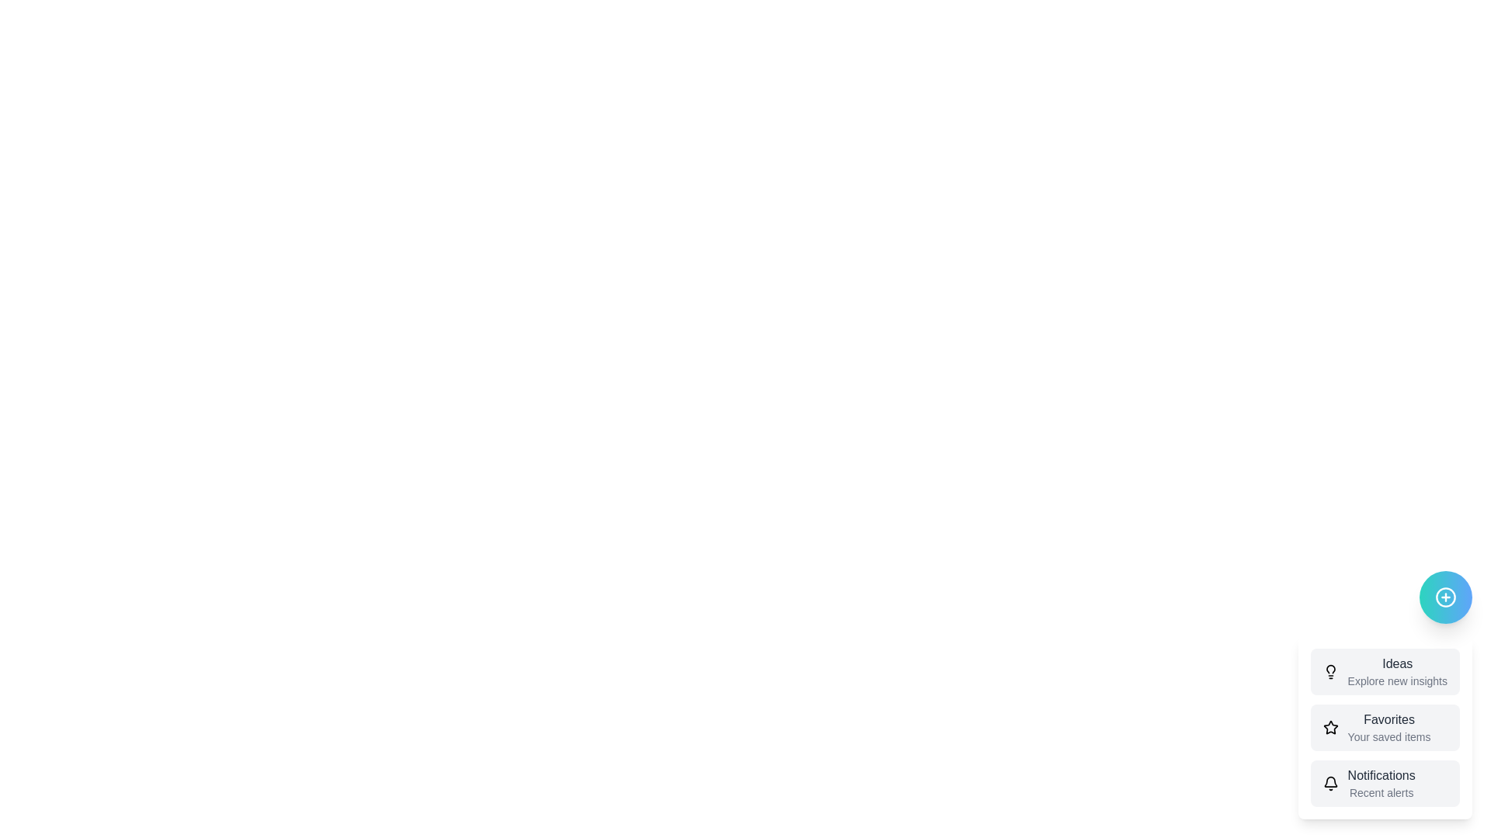  What do you see at coordinates (1385, 784) in the screenshot?
I see `the notifications list item, which is the third item in a vertical list indicating recent alerts or updates` at bounding box center [1385, 784].